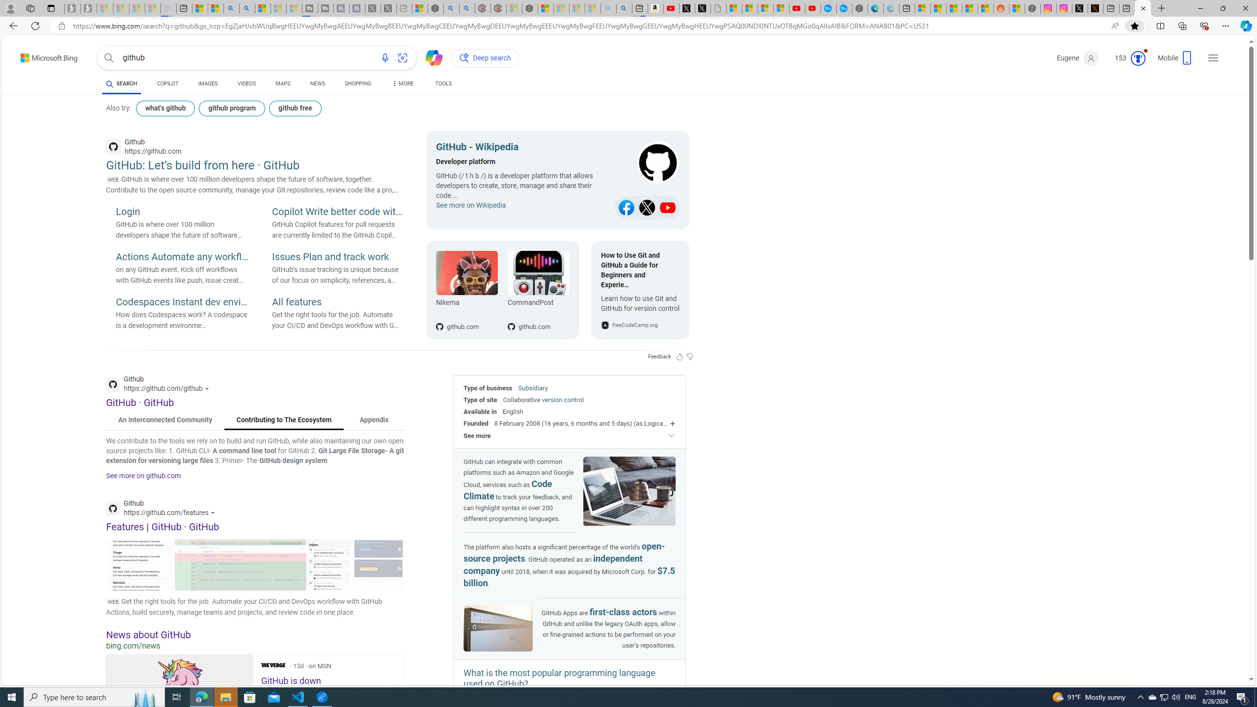  What do you see at coordinates (402, 58) in the screenshot?
I see `'Search using an image'` at bounding box center [402, 58].